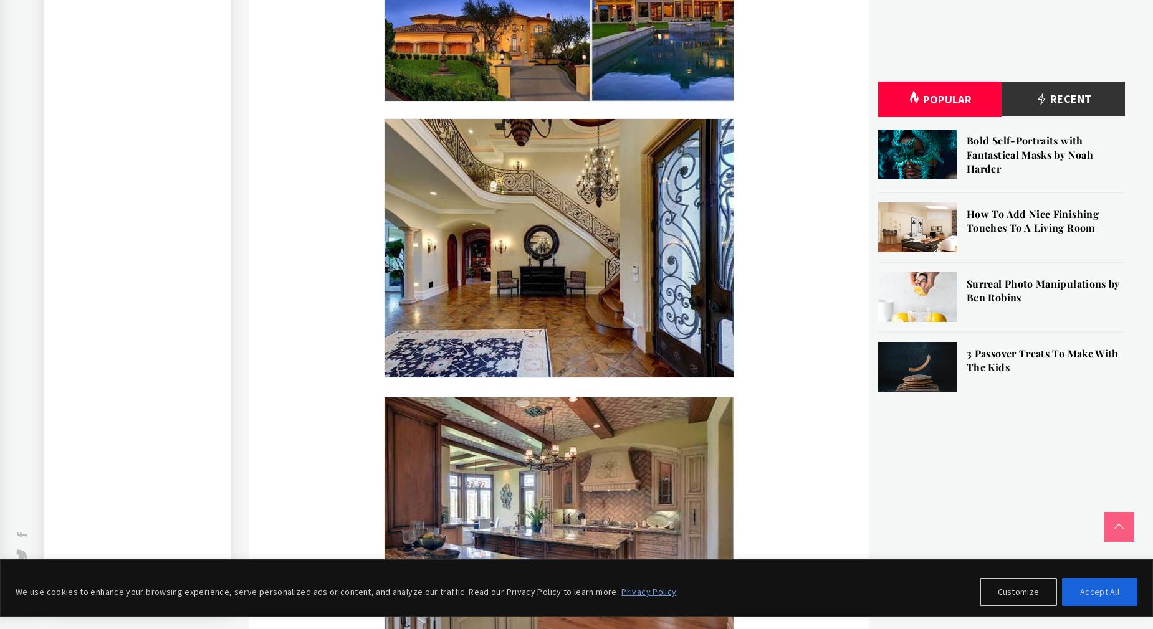 This screenshot has height=629, width=1153. I want to click on 'Recent', so click(1069, 98).